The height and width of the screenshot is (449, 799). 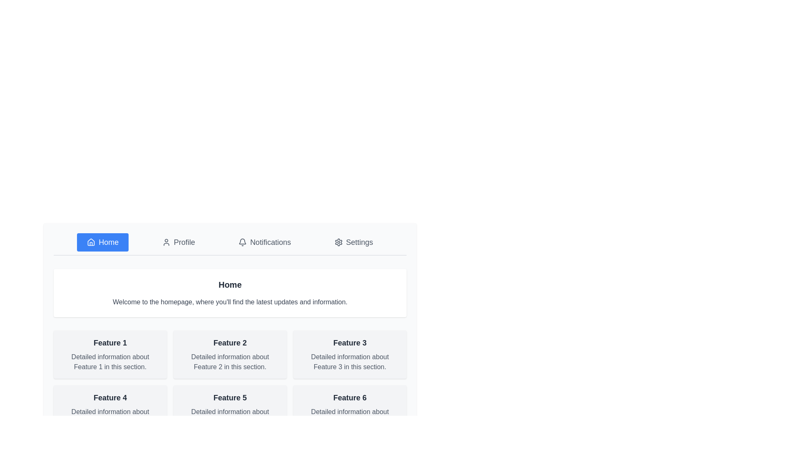 What do you see at coordinates (184, 242) in the screenshot?
I see `the profile label in the navigation bar, which is the second interactive text element adjacent to the user profile icon` at bounding box center [184, 242].